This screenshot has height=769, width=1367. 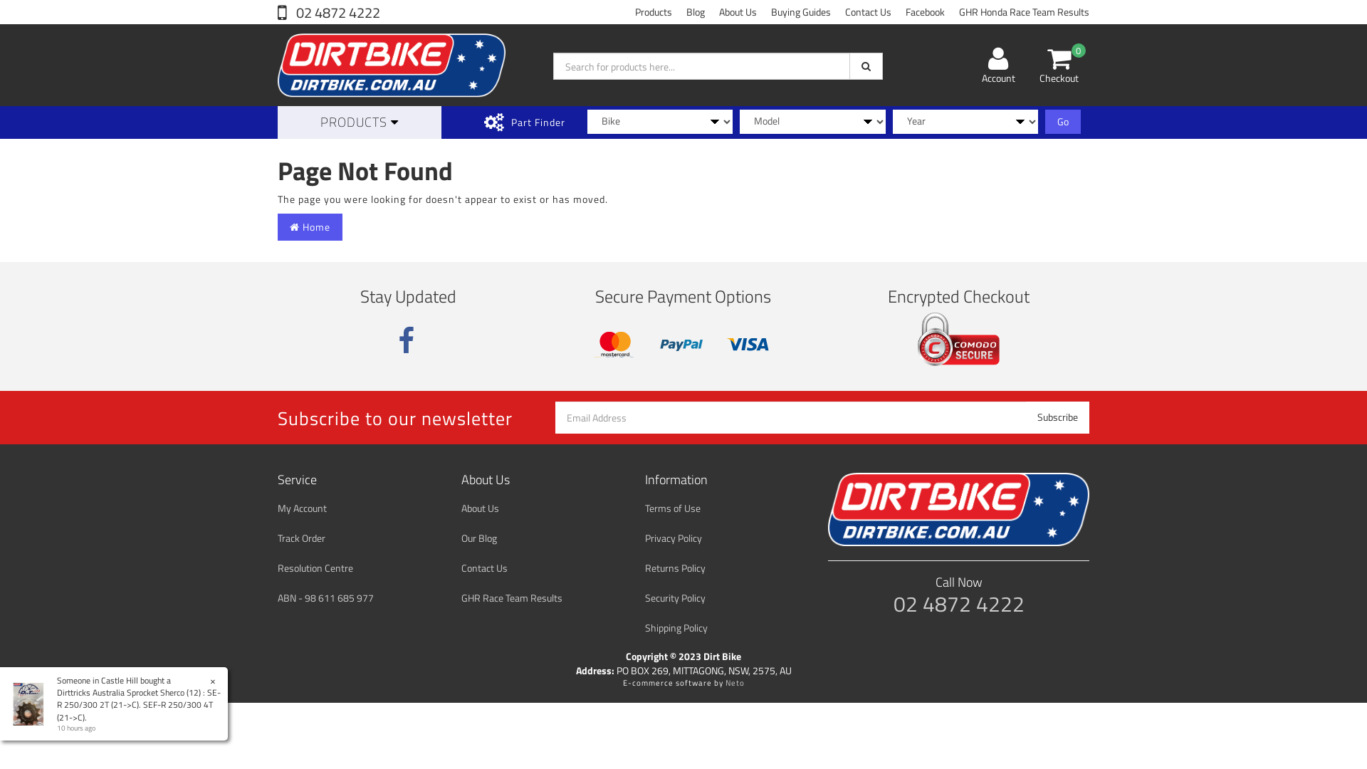 I want to click on '0, so click(x=1059, y=66).